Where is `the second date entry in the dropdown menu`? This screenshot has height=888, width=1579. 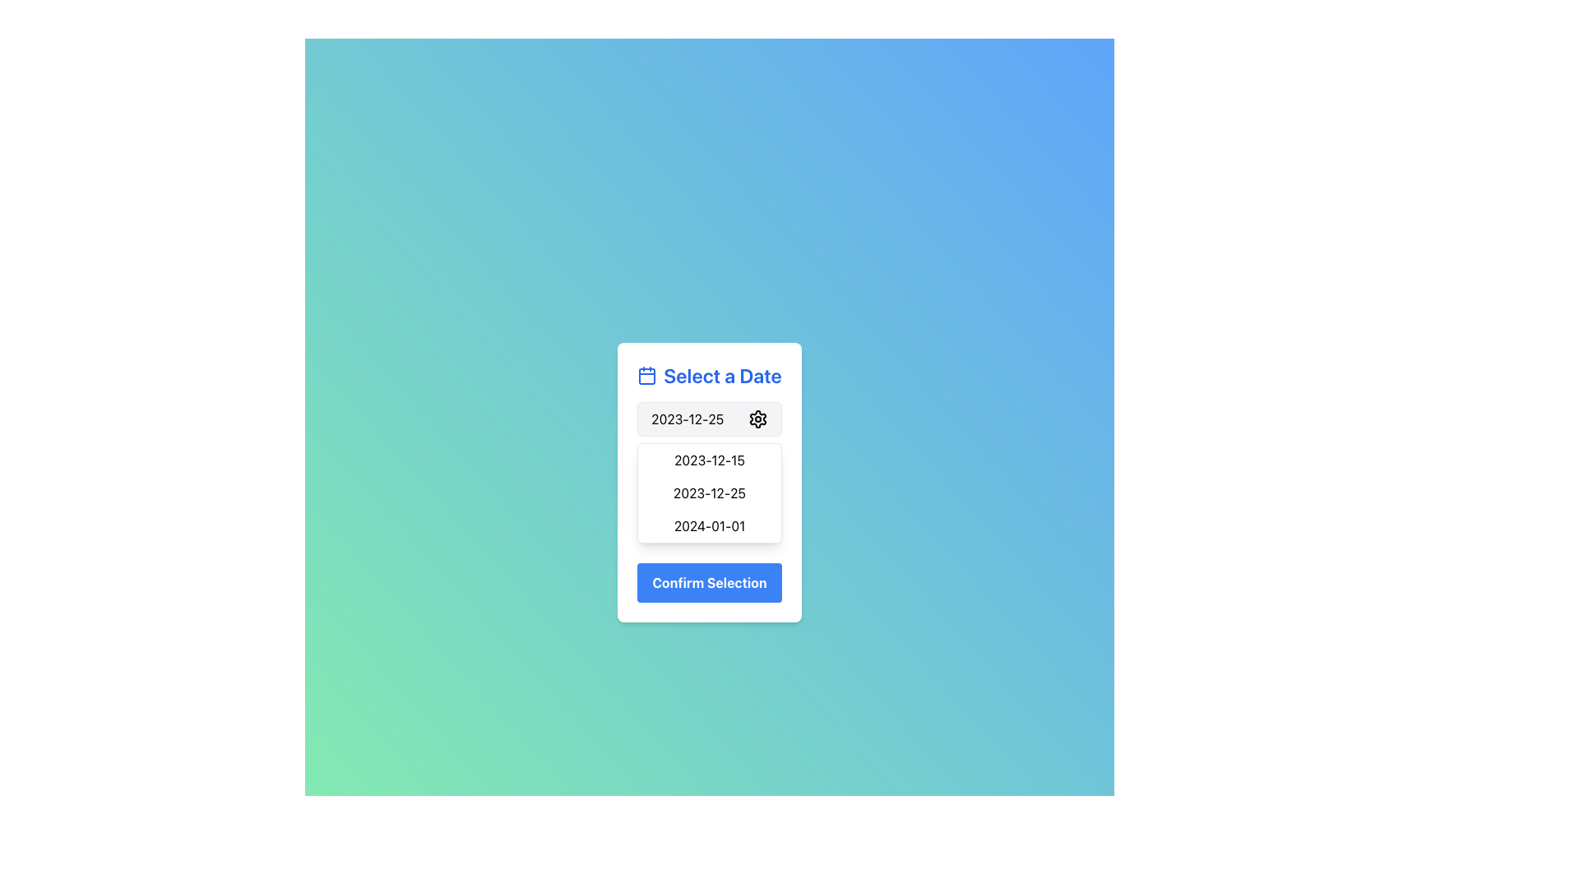
the second date entry in the dropdown menu is located at coordinates (710, 460).